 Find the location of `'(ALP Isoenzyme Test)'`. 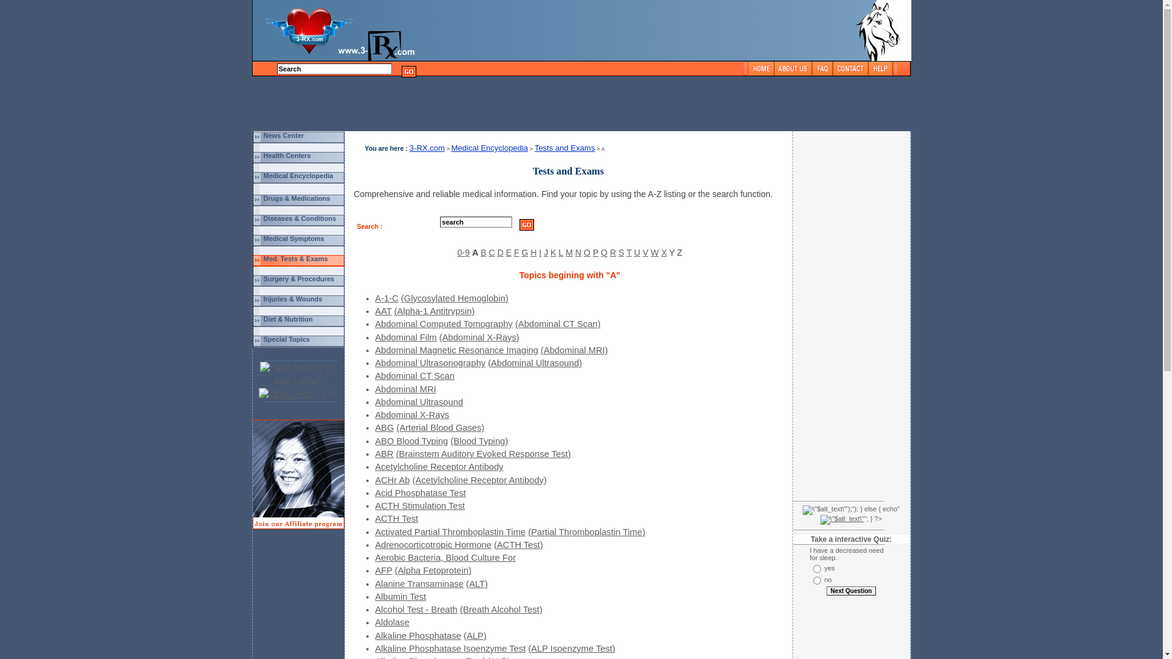

'(ALP Isoenzyme Test)' is located at coordinates (571, 648).